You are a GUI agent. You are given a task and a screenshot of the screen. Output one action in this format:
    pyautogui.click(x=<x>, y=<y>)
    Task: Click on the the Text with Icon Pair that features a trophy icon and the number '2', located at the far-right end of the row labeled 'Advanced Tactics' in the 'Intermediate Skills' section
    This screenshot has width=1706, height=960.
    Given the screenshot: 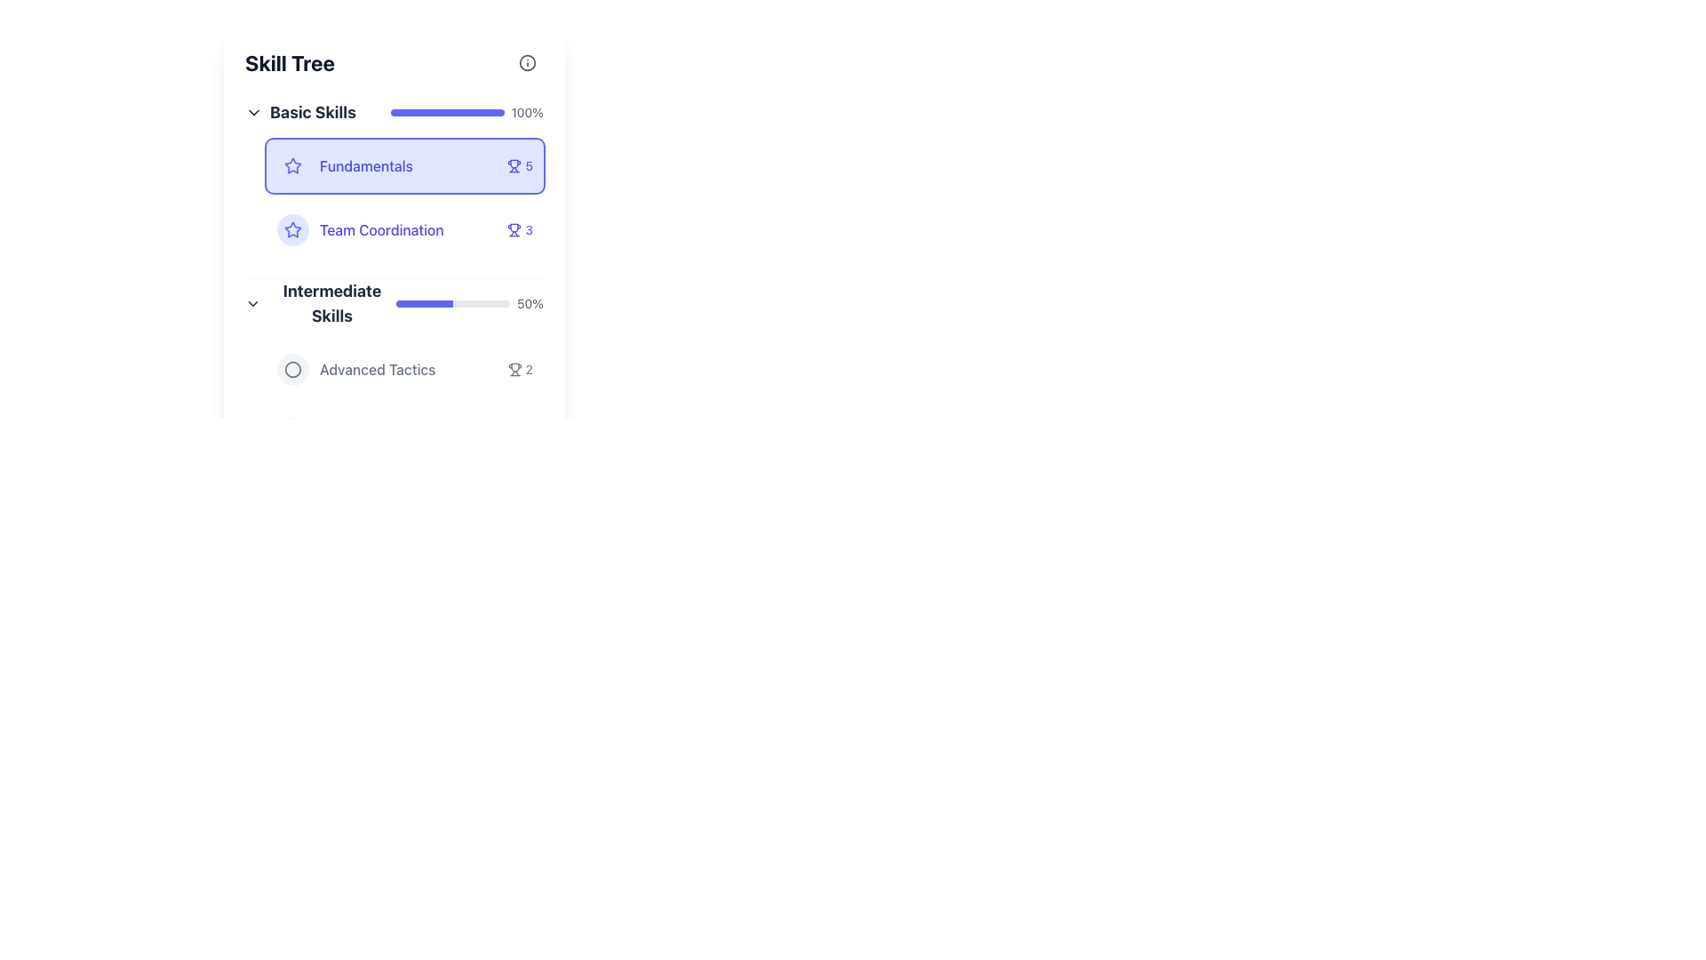 What is the action you would take?
    pyautogui.click(x=519, y=369)
    